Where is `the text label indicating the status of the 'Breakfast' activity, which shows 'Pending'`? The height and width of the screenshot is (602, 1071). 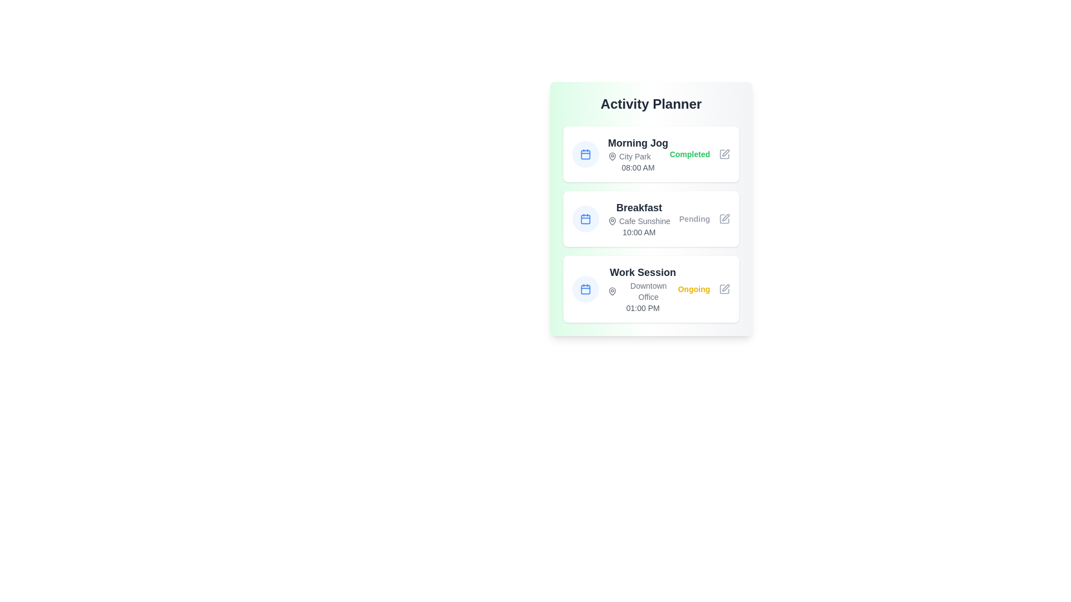 the text label indicating the status of the 'Breakfast' activity, which shows 'Pending' is located at coordinates (694, 219).